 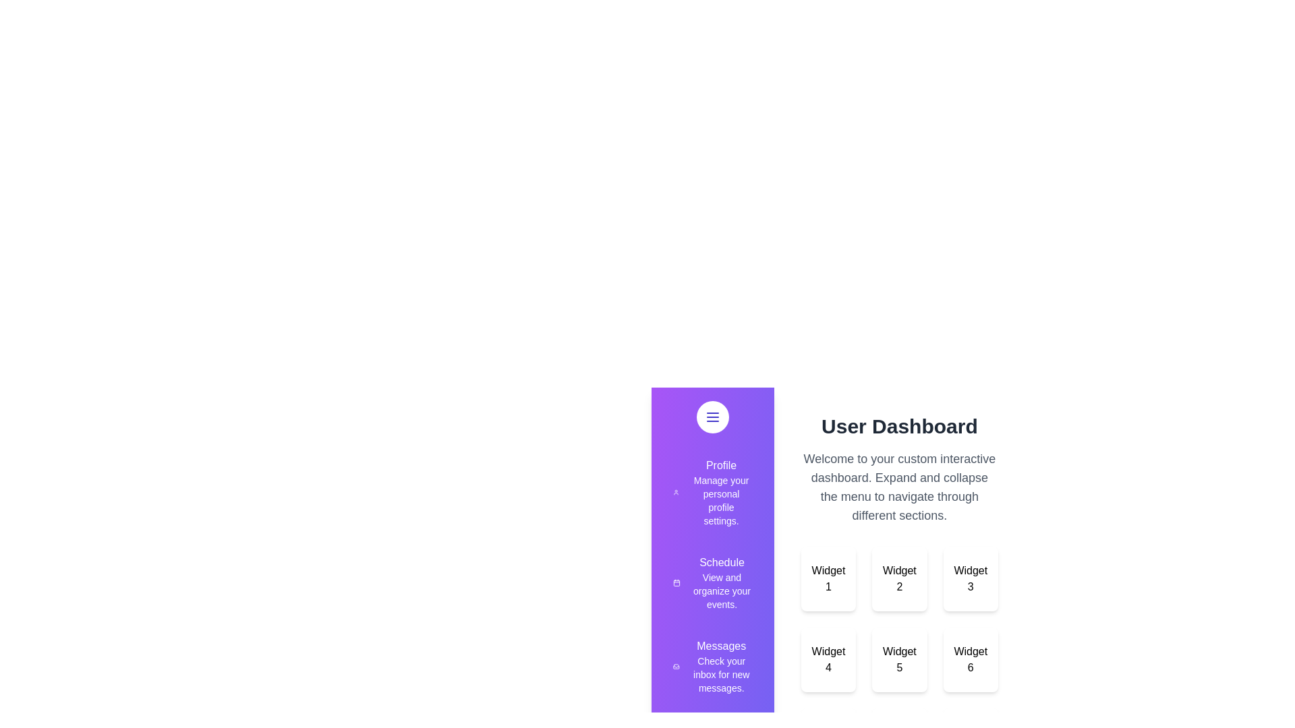 I want to click on the menu button to toggle the drawer's state, so click(x=712, y=416).